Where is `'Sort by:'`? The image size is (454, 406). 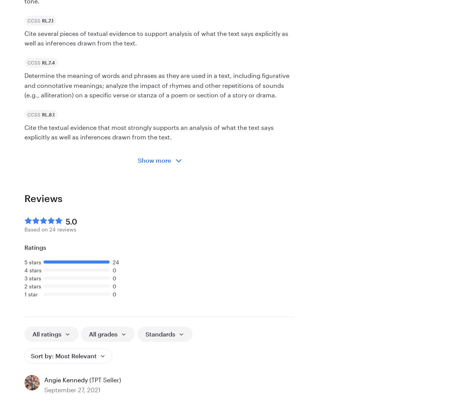
'Sort by:' is located at coordinates (42, 355).